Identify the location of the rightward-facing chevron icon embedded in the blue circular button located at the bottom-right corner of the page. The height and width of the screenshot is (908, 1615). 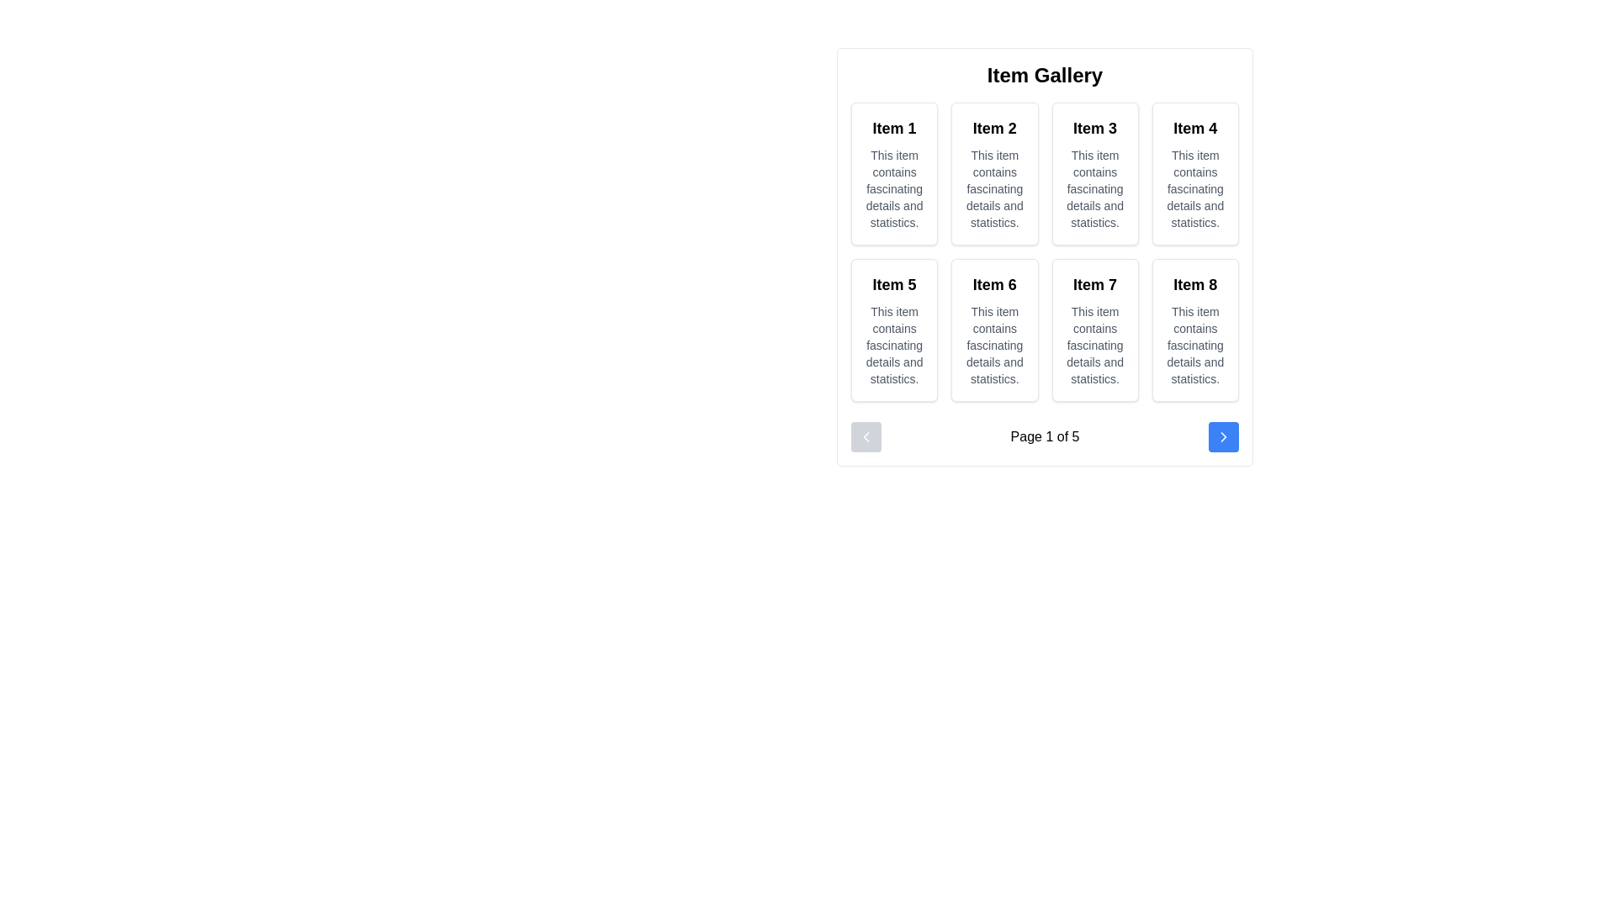
(1223, 436).